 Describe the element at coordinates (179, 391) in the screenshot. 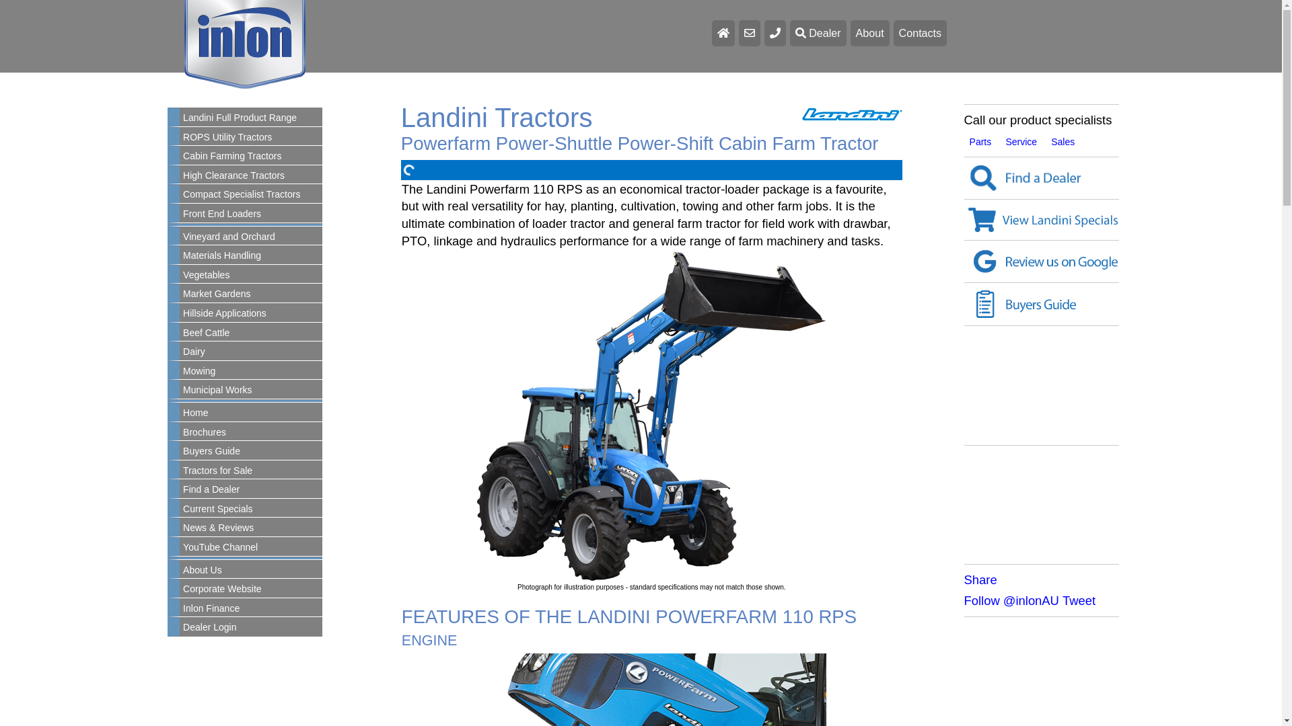

I see `'Municipal Works'` at that location.